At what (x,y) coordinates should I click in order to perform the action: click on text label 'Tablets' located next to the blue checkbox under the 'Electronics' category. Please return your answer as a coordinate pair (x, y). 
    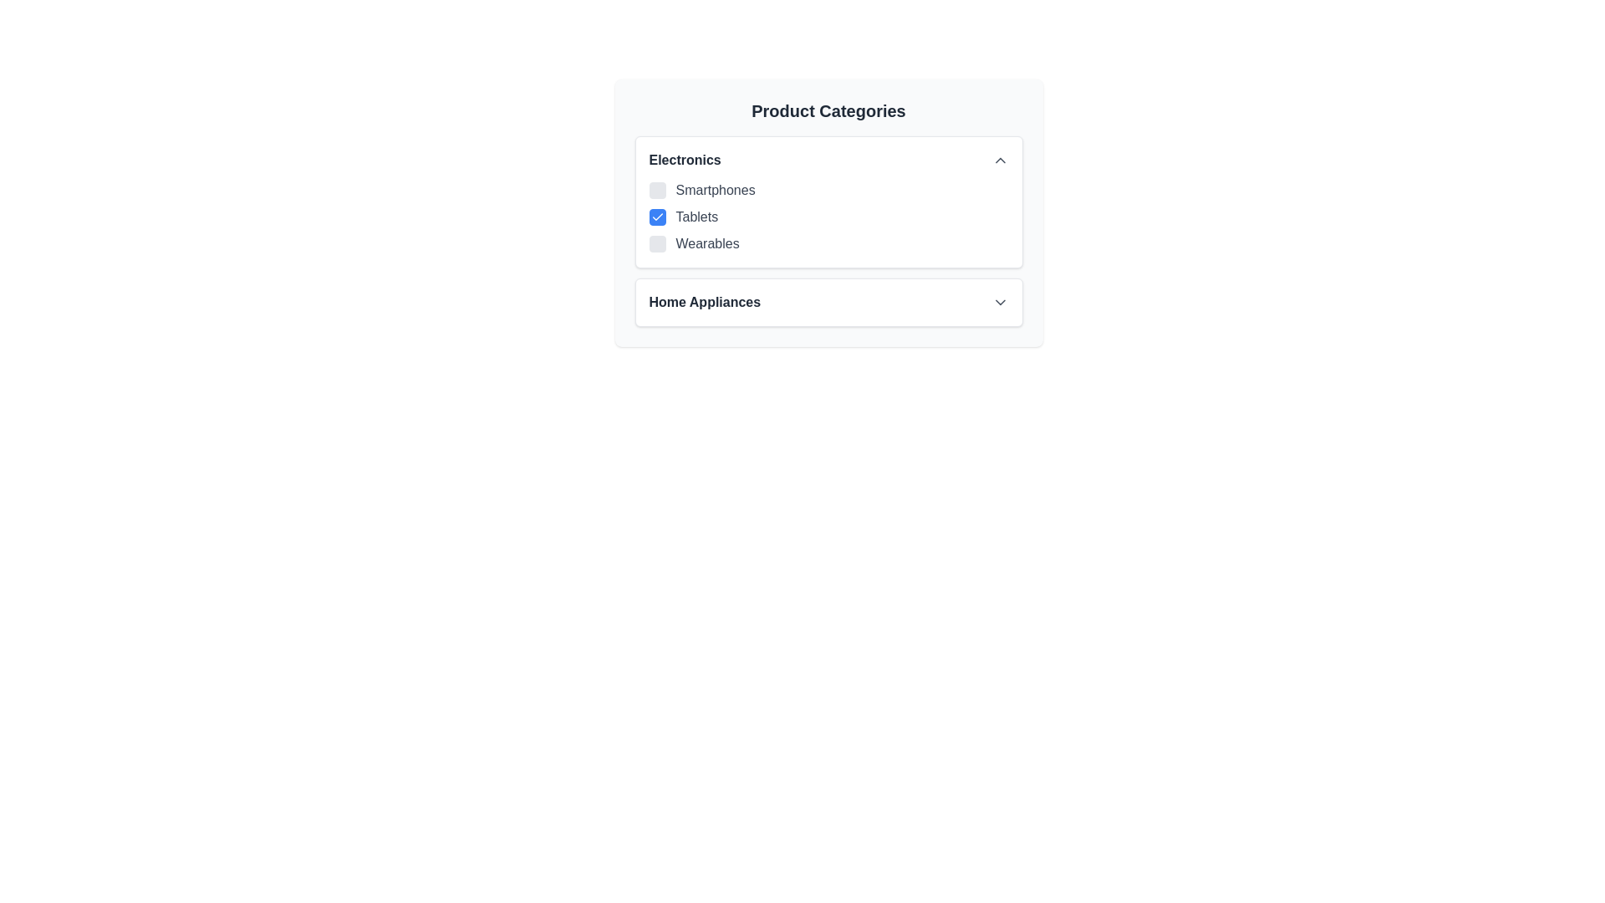
    Looking at the image, I should click on (696, 216).